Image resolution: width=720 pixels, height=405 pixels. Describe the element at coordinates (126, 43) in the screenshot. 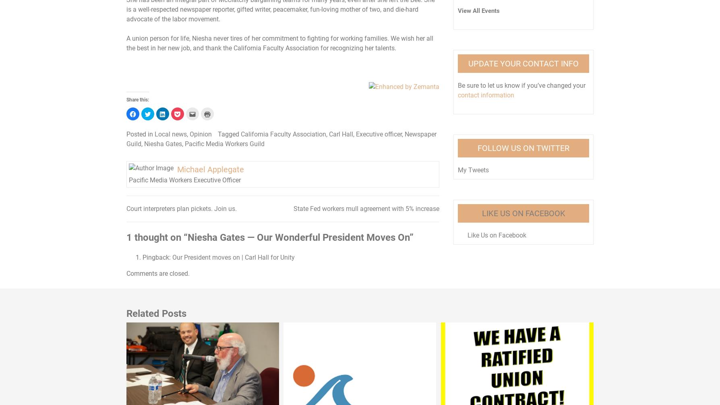

I see `'A union person for life, Niesha never tires of her commitment to fighting for working families. We wish her all the best in her new job, and thank the California Faculty Association for recognizing her talents.'` at that location.